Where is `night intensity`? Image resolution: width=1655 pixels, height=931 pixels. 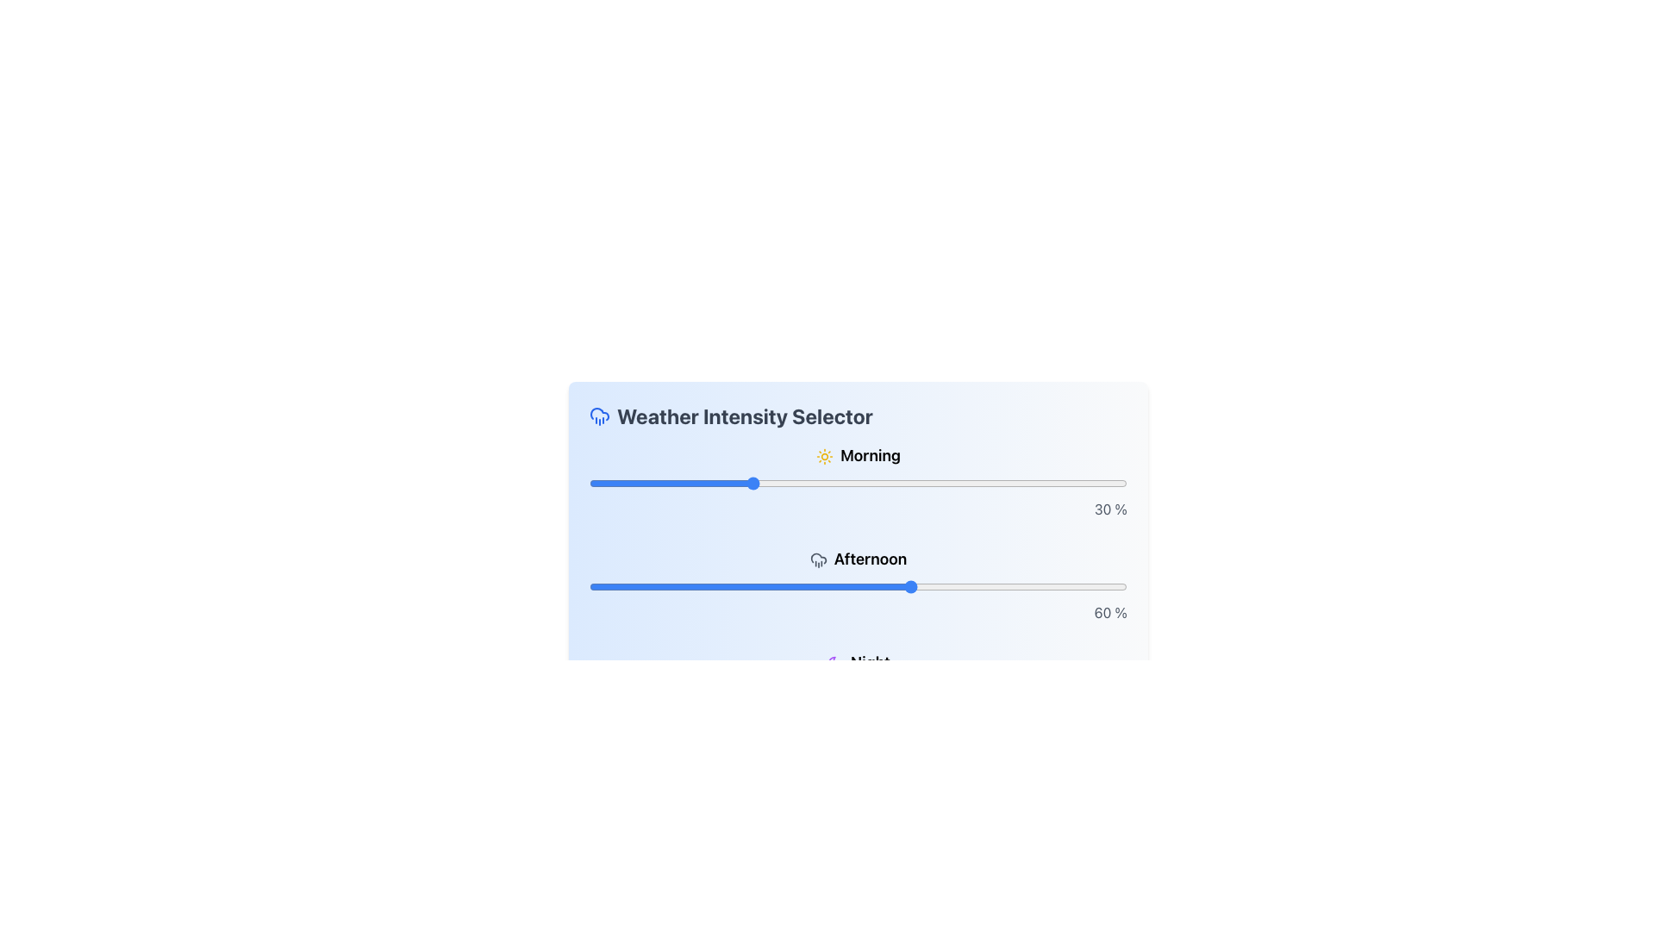
night intensity is located at coordinates (852, 690).